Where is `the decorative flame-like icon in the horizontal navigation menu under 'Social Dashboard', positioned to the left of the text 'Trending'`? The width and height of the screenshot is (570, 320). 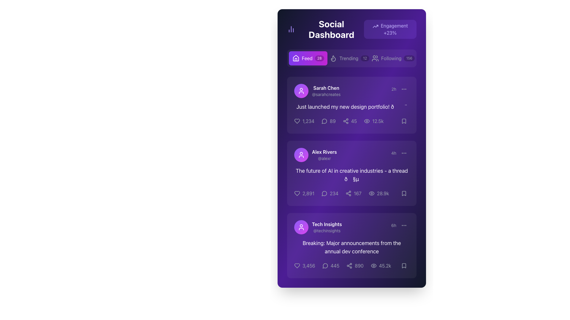
the decorative flame-like icon in the horizontal navigation menu under 'Social Dashboard', positioned to the left of the text 'Trending' is located at coordinates (333, 58).